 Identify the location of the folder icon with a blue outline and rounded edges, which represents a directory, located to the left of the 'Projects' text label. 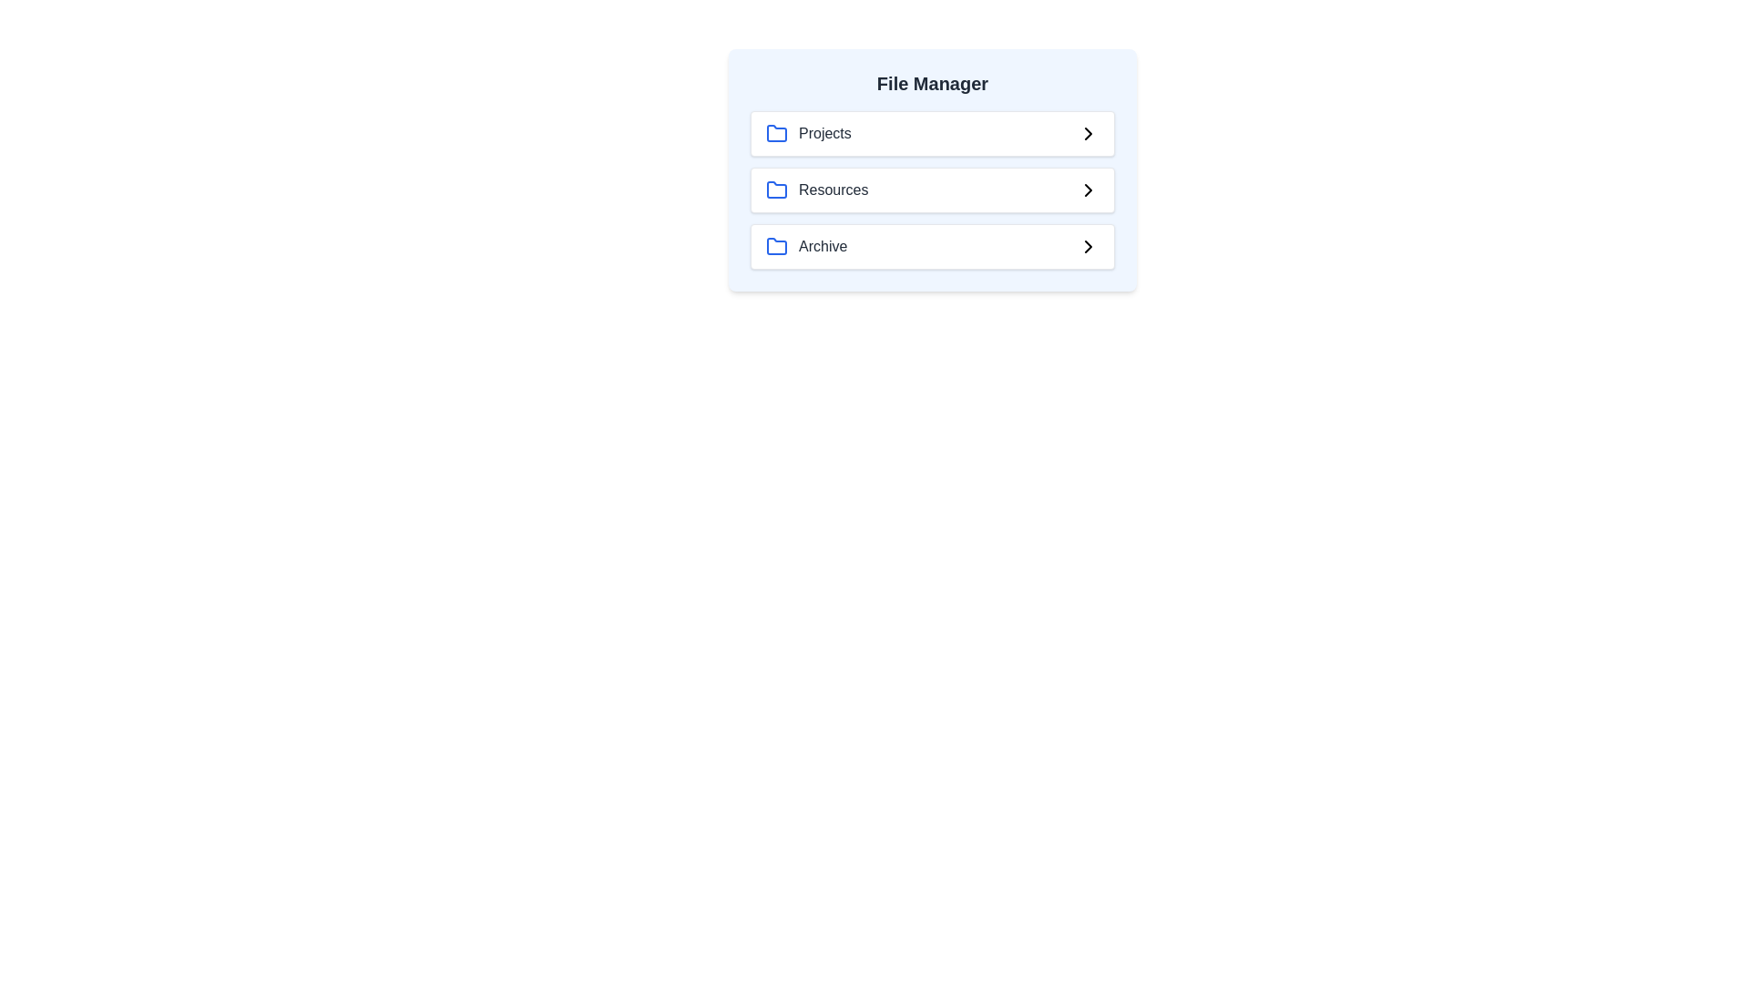
(777, 132).